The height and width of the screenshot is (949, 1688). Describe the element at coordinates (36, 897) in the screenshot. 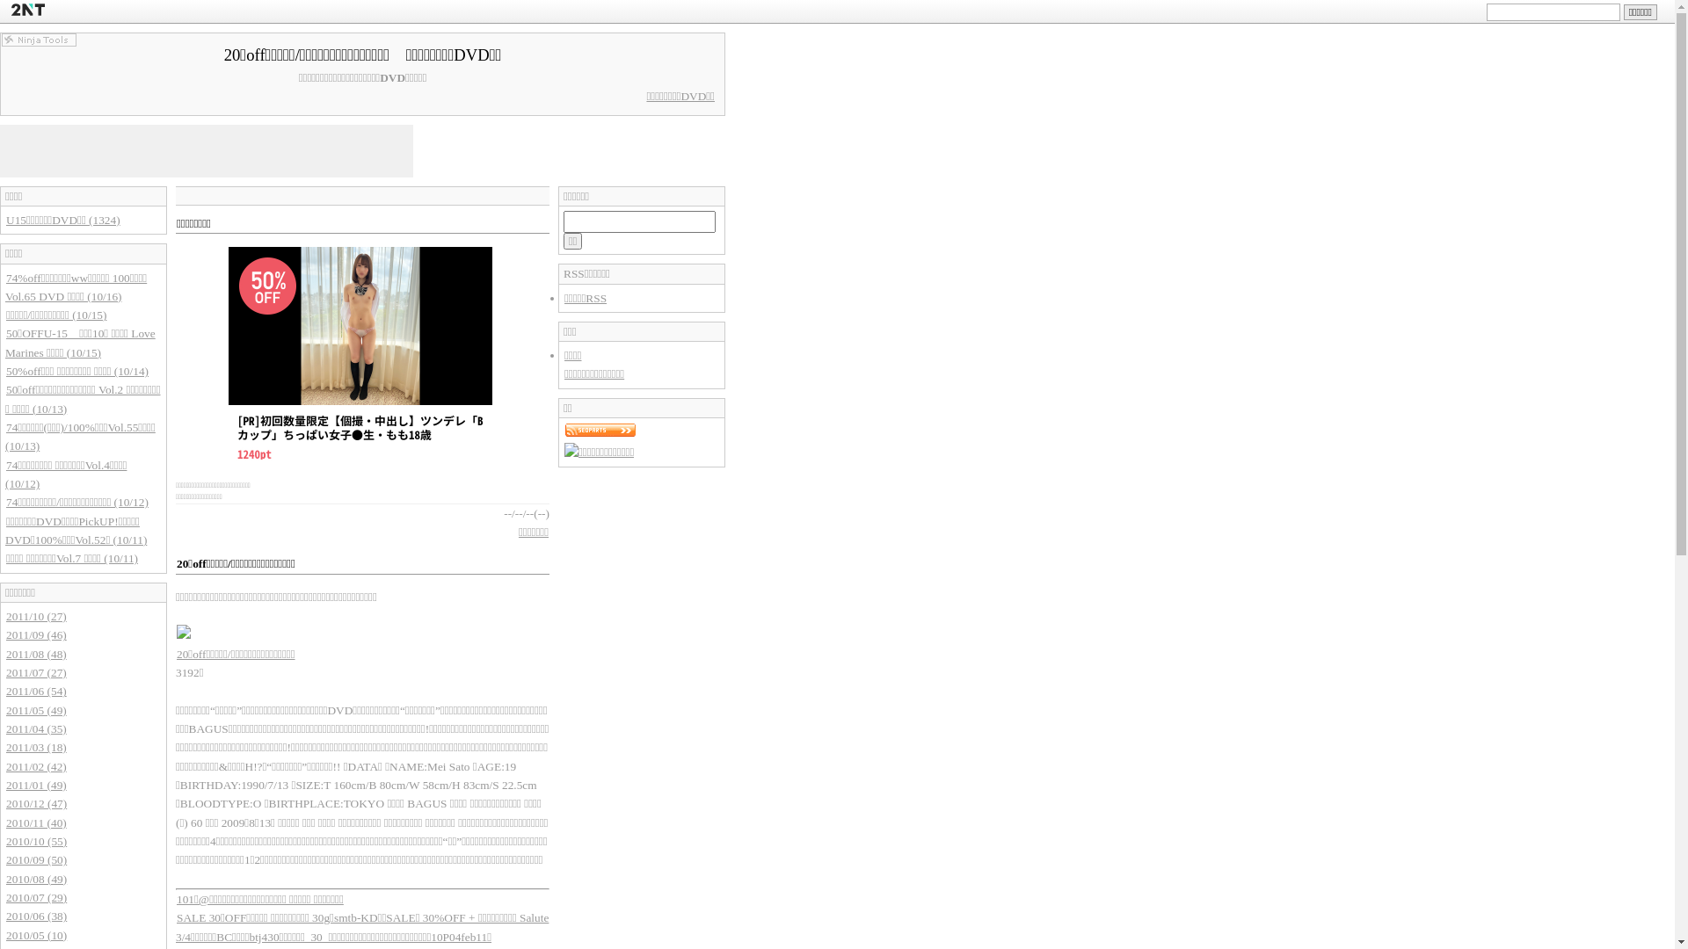

I see `'2010/07 (29)'` at that location.